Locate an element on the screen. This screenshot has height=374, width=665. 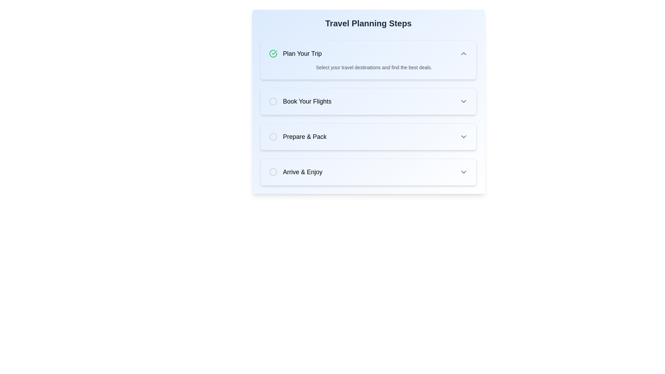
the 'Plan Your Trip' text block accompanied by a green checkmark icon, which is the first item in the 'Travel Planning Steps' section is located at coordinates (295, 53).